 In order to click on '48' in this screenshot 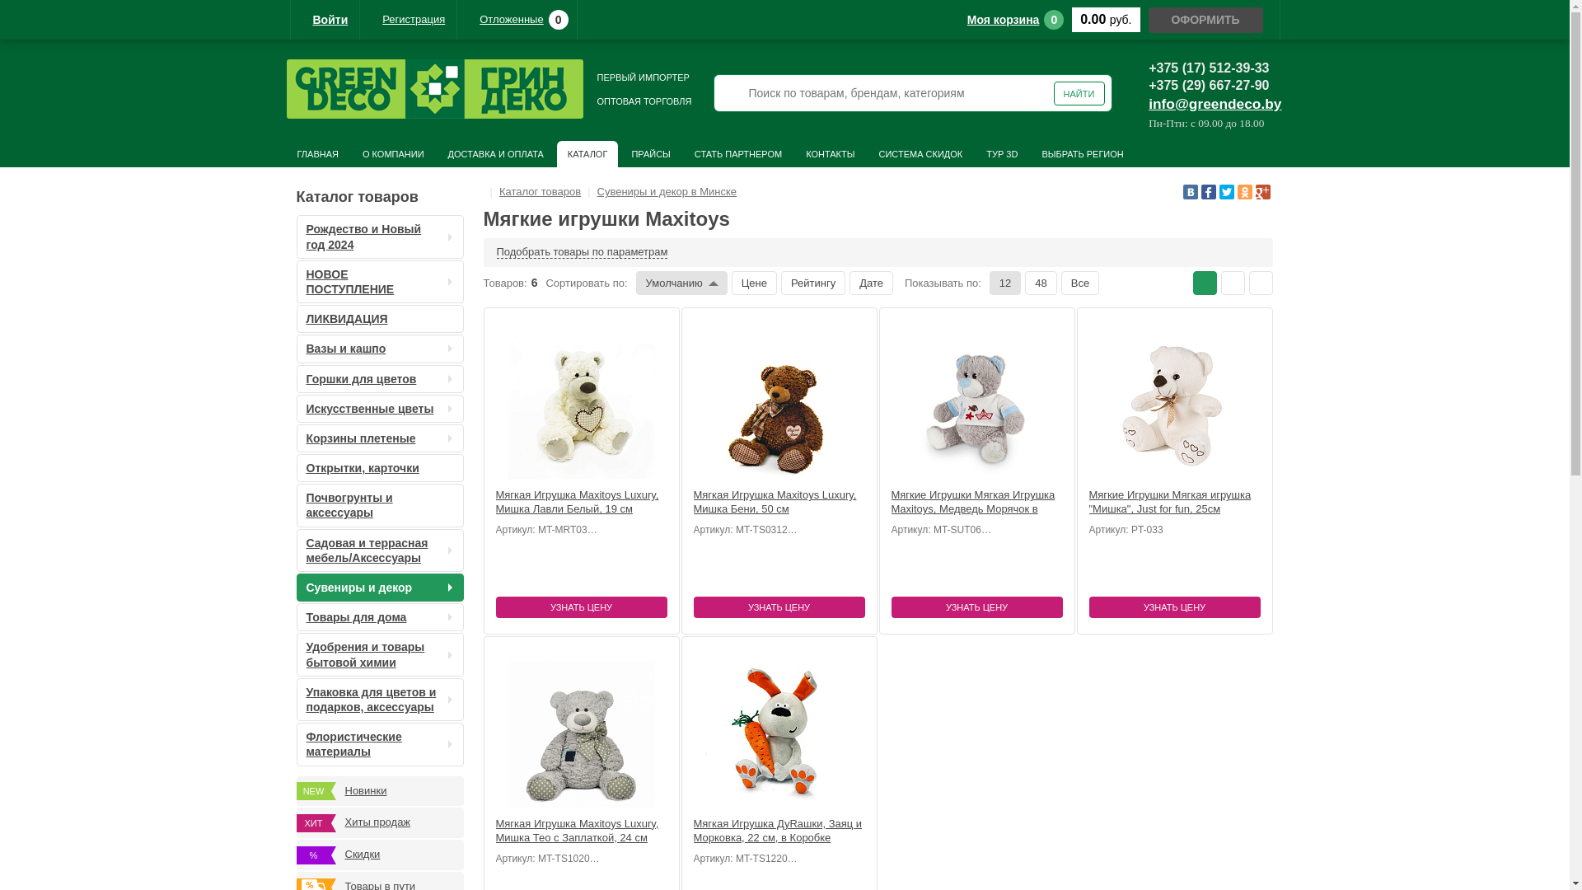, I will do `click(1039, 282)`.